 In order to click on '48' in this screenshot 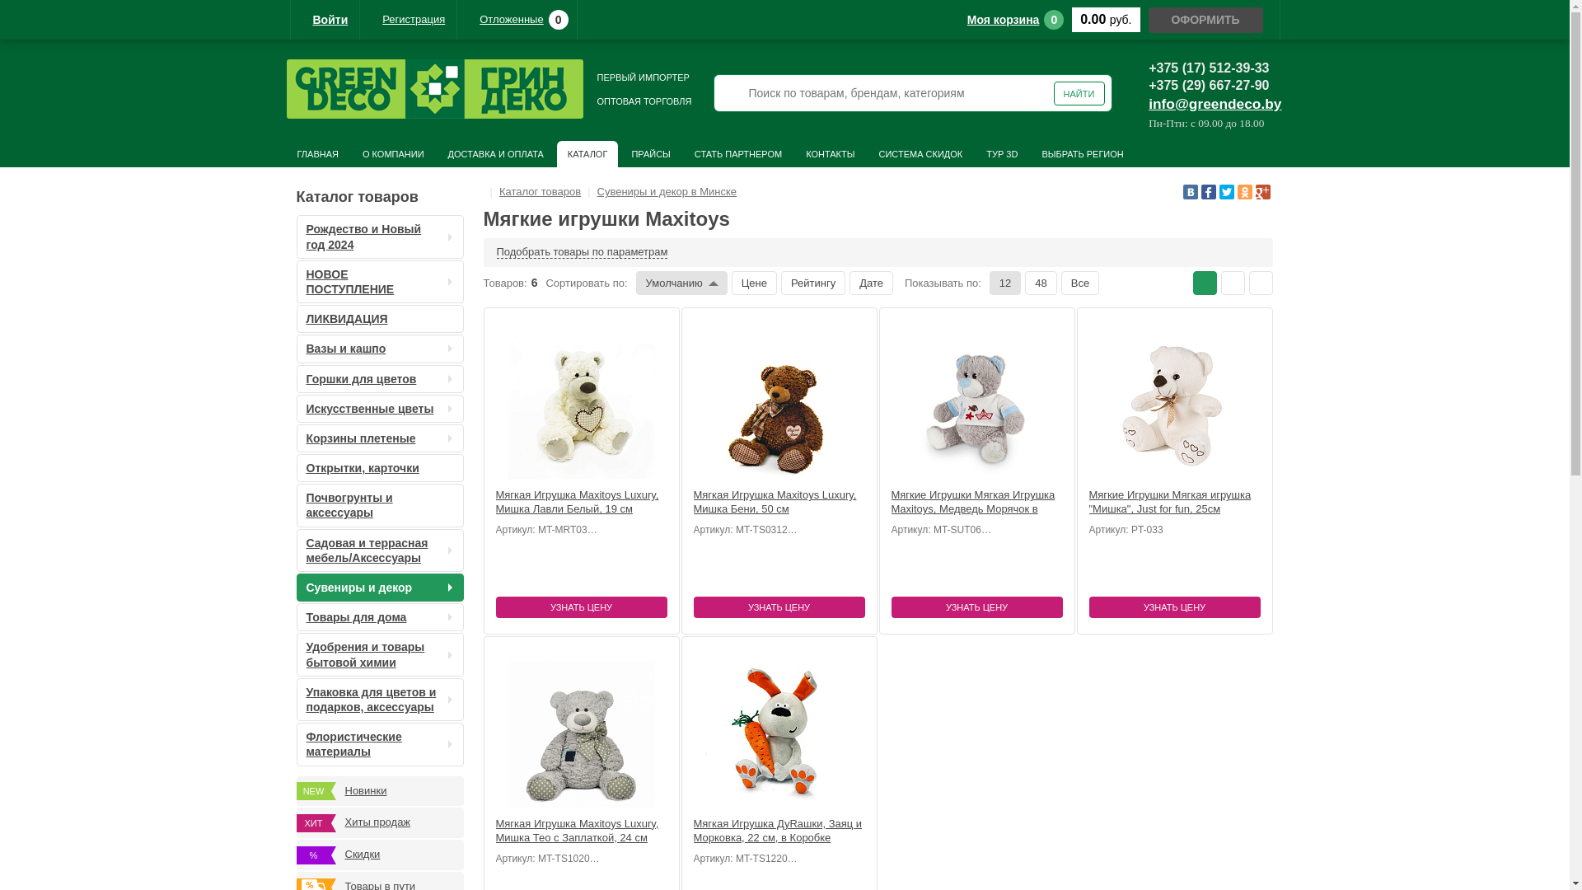, I will do `click(1039, 282)`.